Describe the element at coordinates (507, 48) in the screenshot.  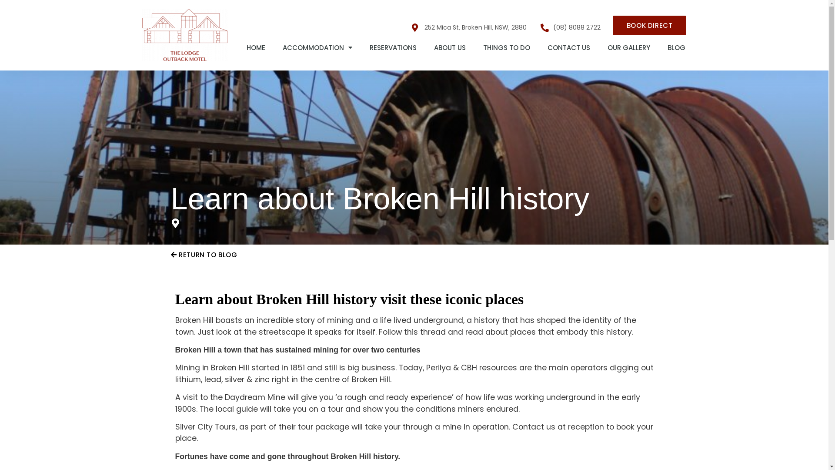
I see `'THINGS TO DO'` at that location.